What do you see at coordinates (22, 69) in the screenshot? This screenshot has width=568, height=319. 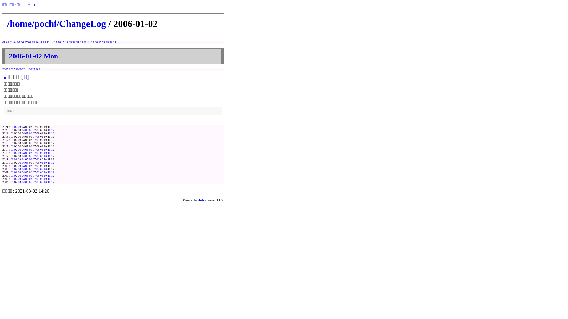 I see `'2014'` at bounding box center [22, 69].